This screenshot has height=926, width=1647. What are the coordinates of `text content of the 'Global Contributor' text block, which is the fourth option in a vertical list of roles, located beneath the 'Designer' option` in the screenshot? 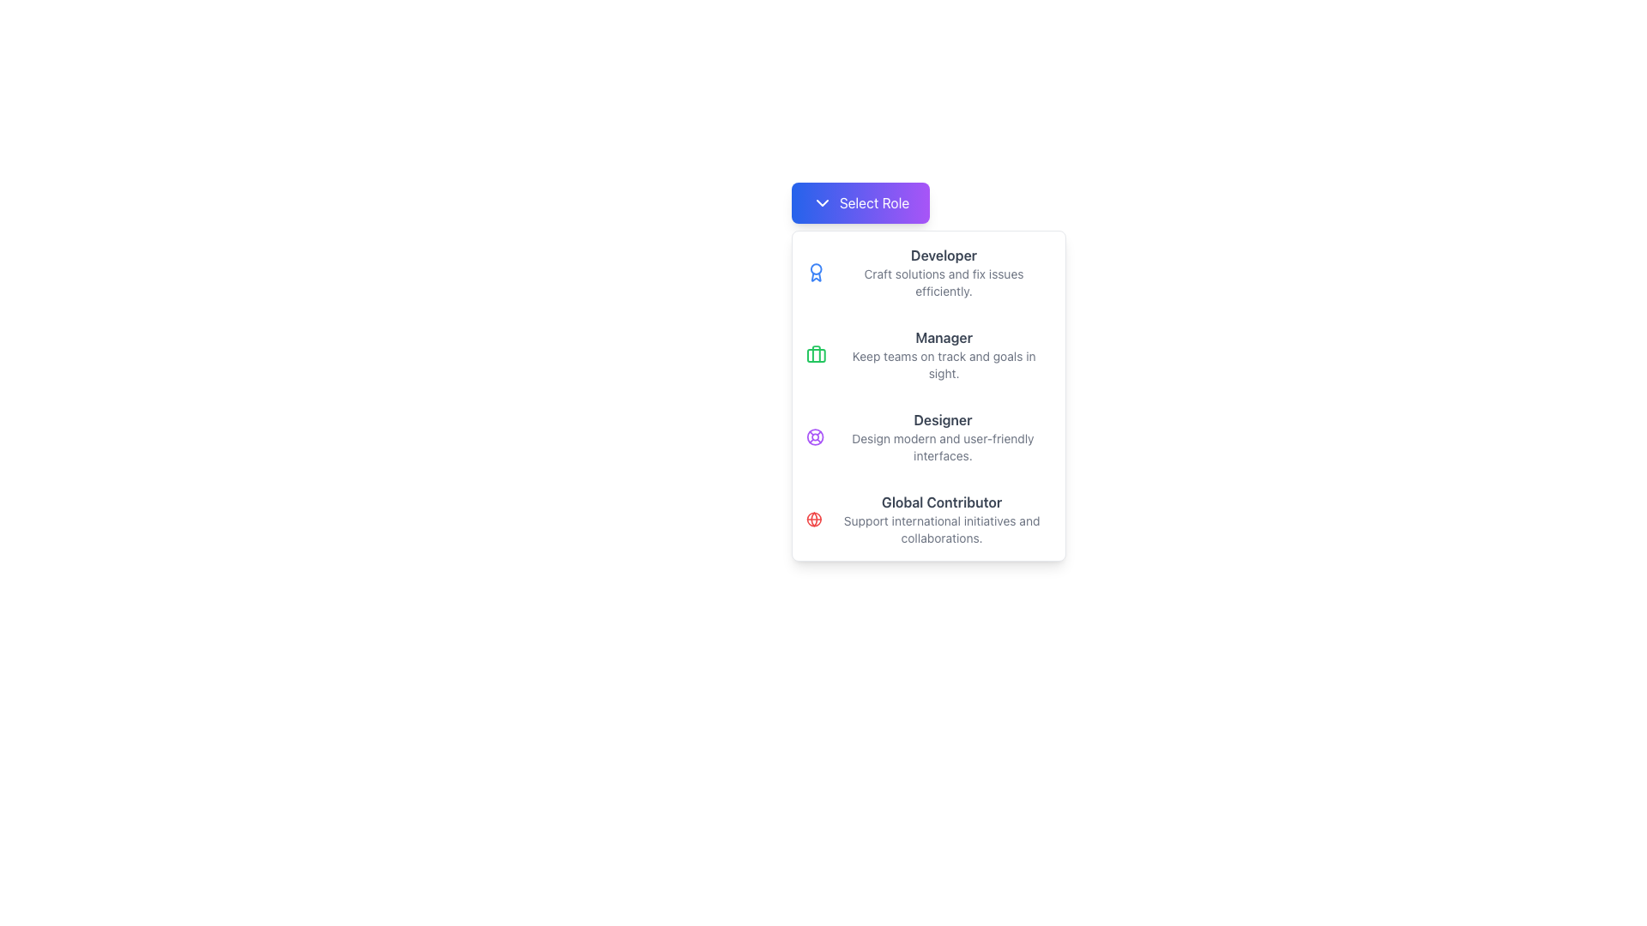 It's located at (941, 518).